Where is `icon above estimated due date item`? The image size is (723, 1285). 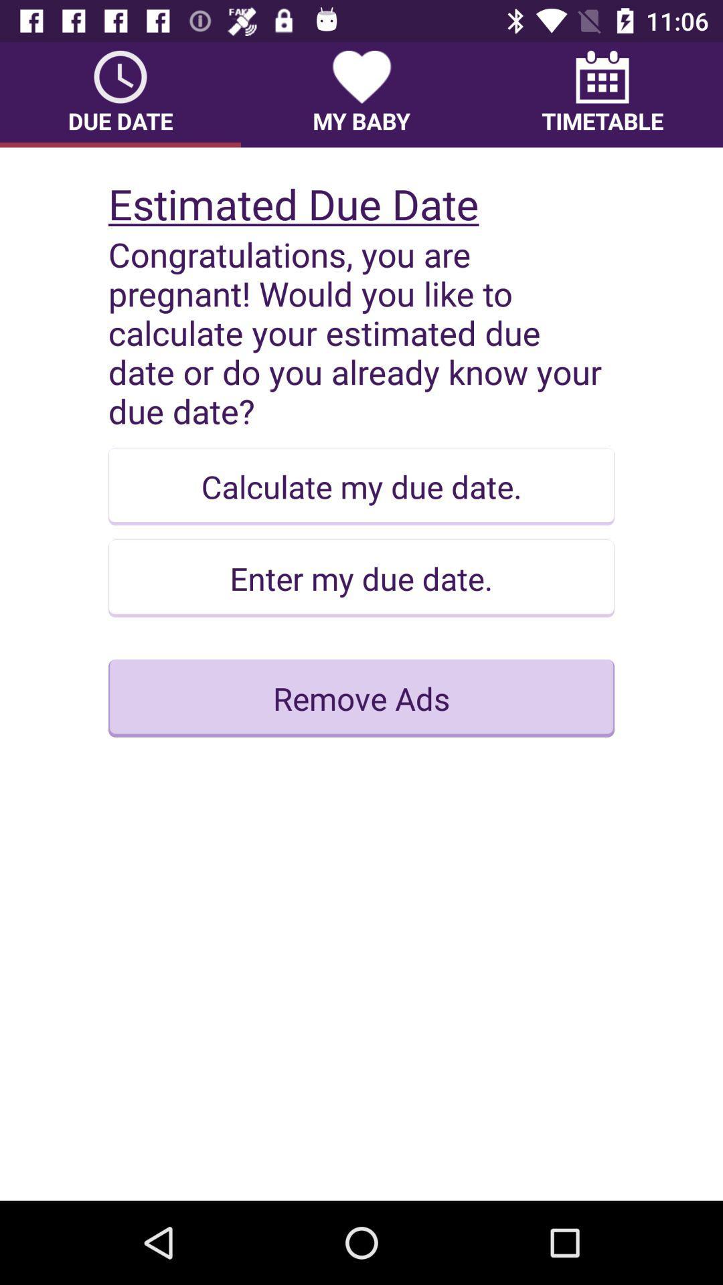 icon above estimated due date item is located at coordinates (361, 94).